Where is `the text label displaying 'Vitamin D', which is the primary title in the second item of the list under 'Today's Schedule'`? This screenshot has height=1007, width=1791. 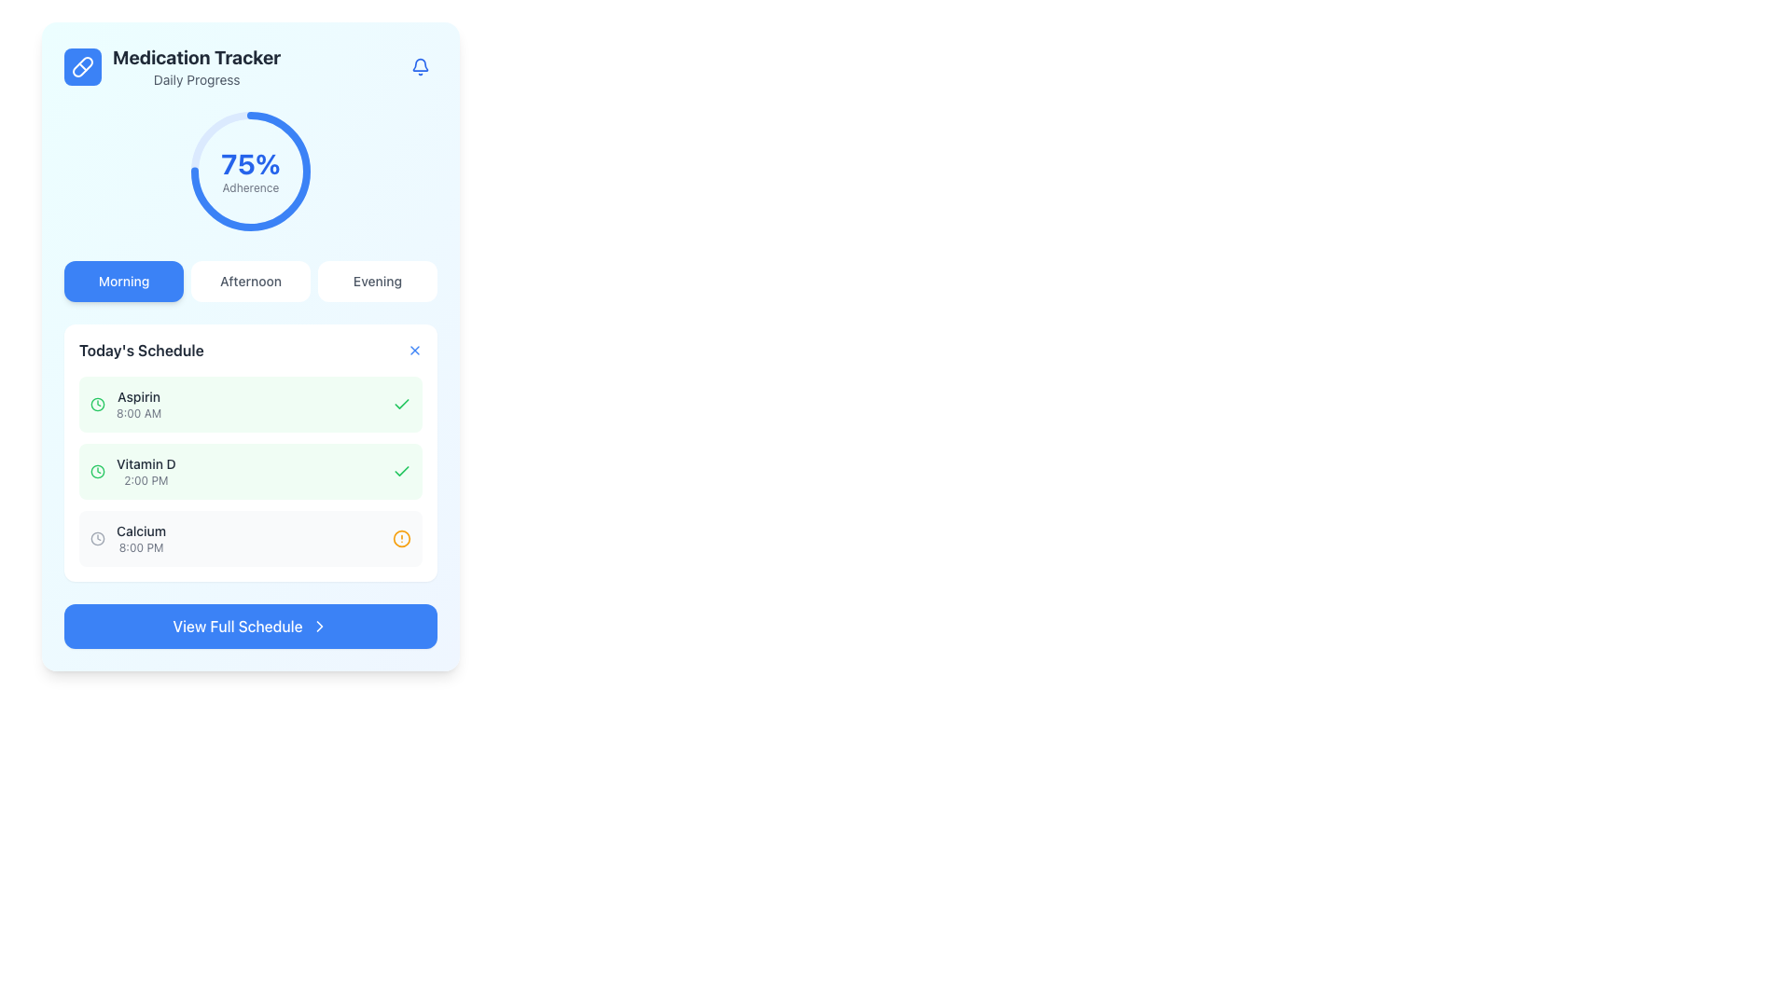 the text label displaying 'Vitamin D', which is the primary title in the second item of the list under 'Today's Schedule' is located at coordinates (145, 462).